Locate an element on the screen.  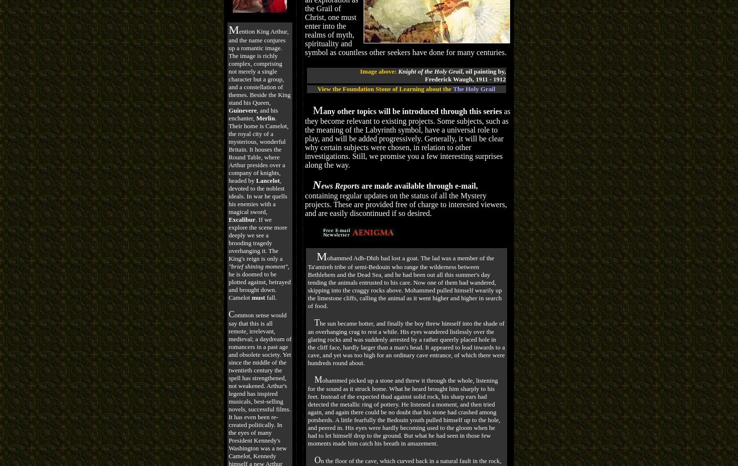
'The 
              Holy Grail' is located at coordinates (474, 88).